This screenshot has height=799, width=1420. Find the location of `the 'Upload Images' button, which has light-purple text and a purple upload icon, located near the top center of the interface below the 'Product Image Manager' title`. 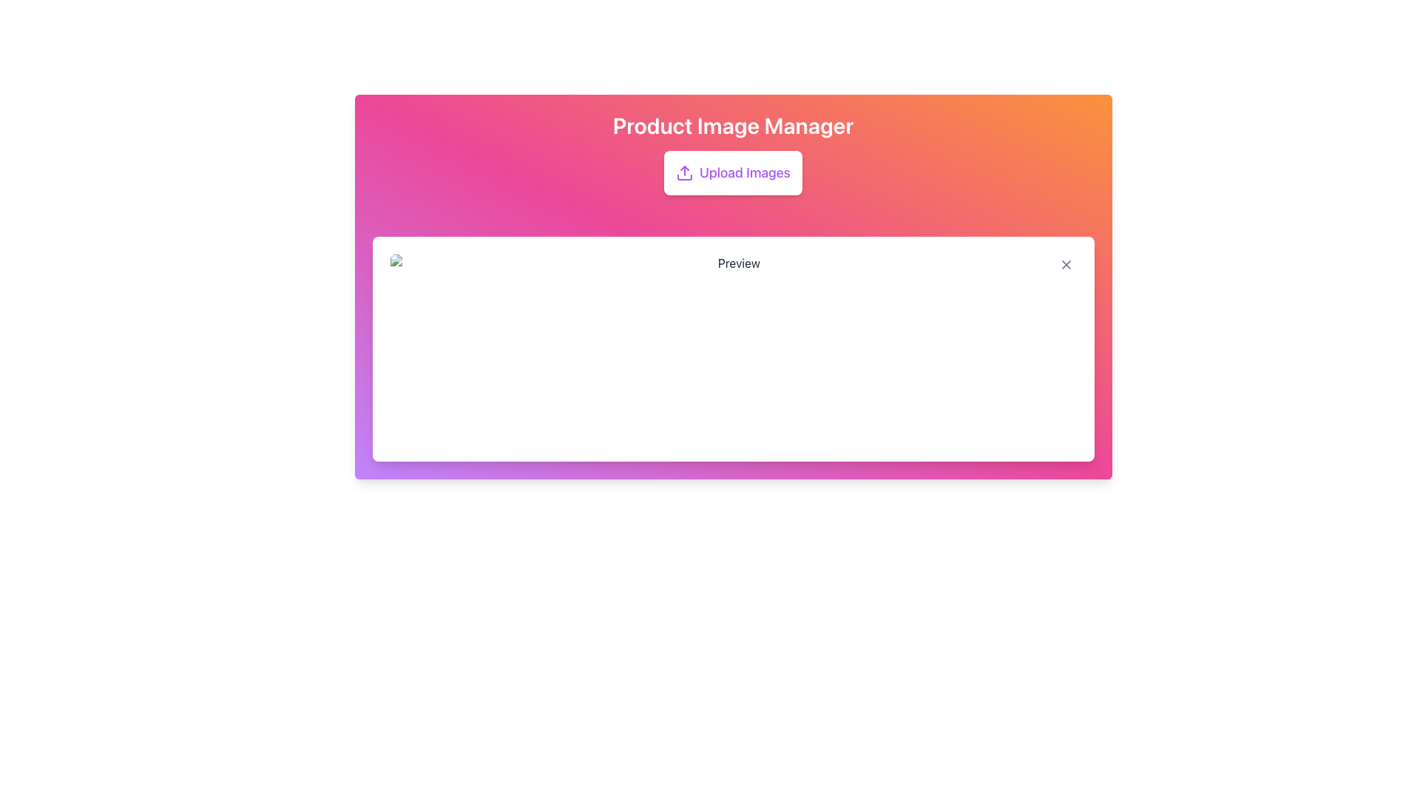

the 'Upload Images' button, which has light-purple text and a purple upload icon, located near the top center of the interface below the 'Product Image Manager' title is located at coordinates (733, 172).